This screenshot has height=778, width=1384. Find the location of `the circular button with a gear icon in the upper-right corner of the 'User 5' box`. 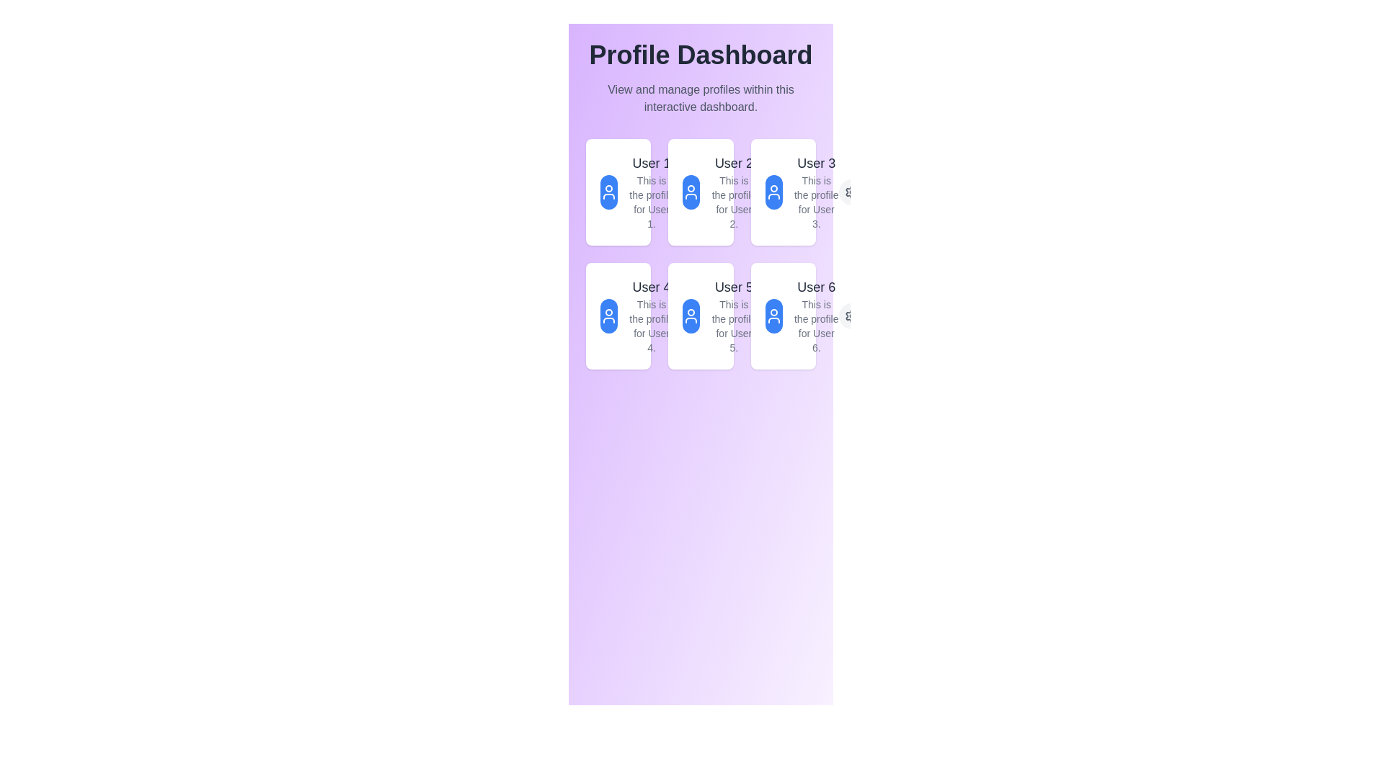

the circular button with a gear icon in the upper-right corner of the 'User 5' box is located at coordinates (768, 316).